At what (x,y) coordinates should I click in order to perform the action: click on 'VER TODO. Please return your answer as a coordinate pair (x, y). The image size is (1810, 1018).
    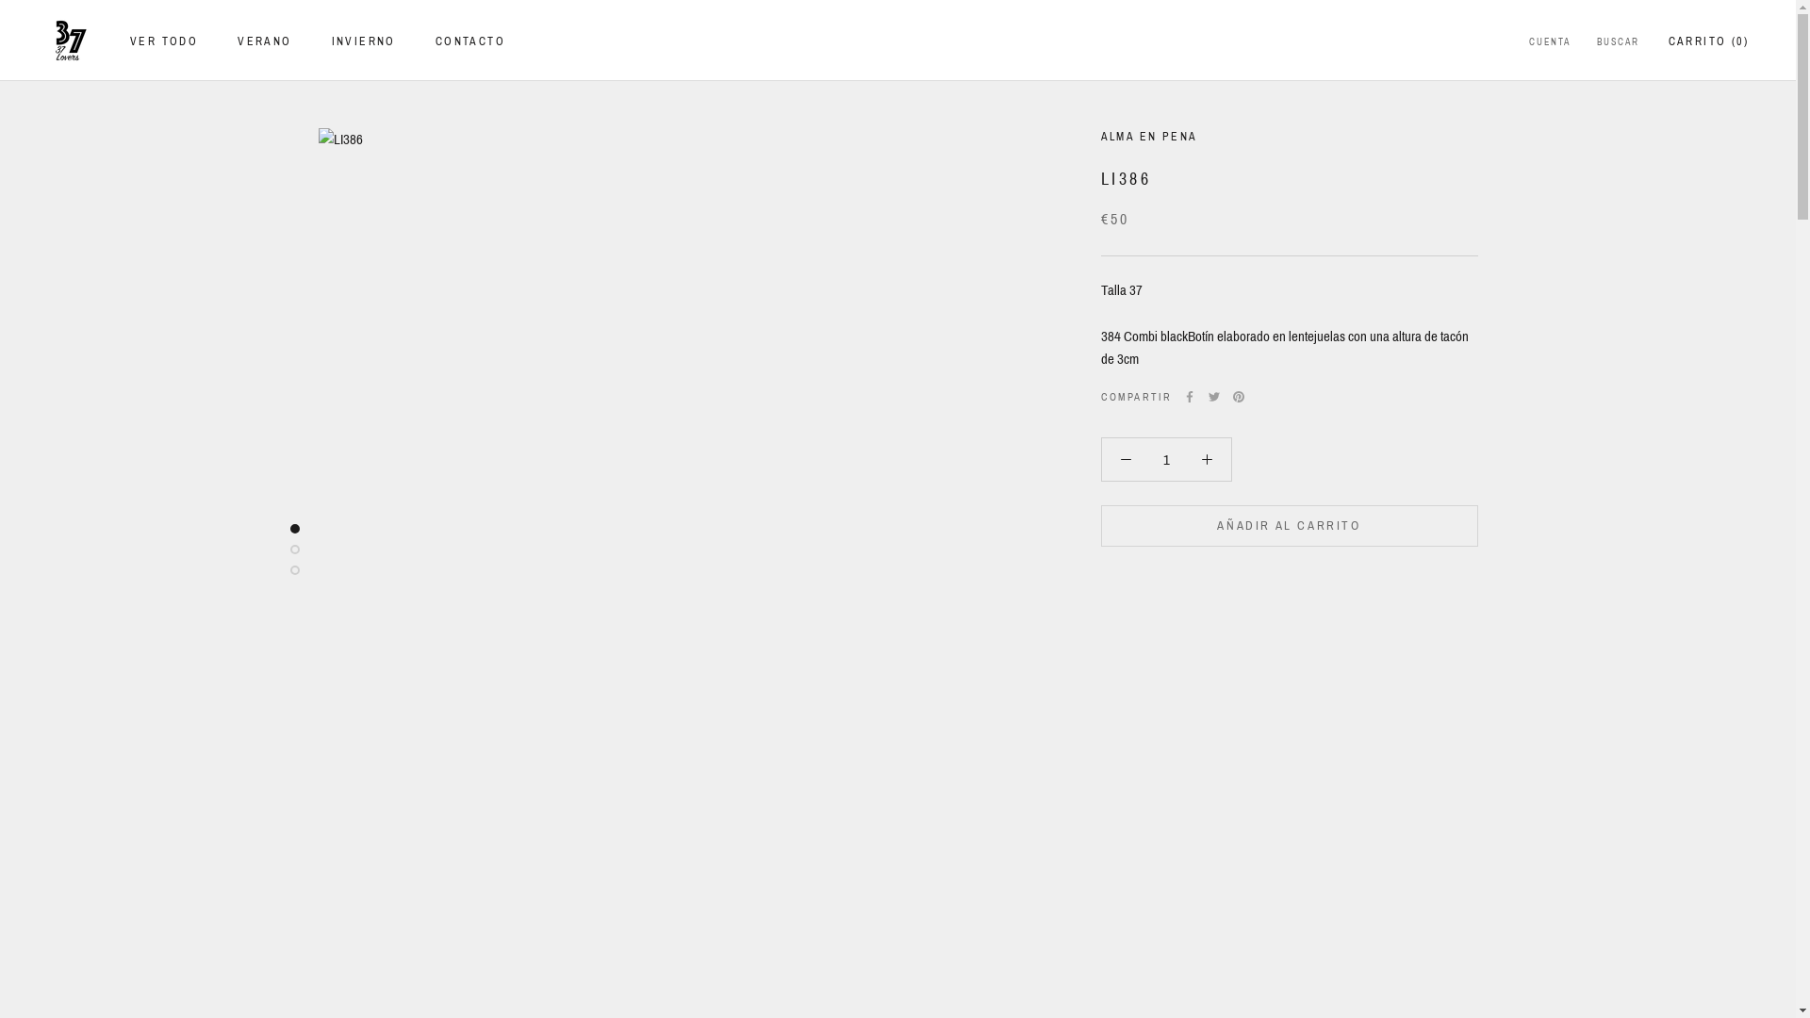
    Looking at the image, I should click on (163, 41).